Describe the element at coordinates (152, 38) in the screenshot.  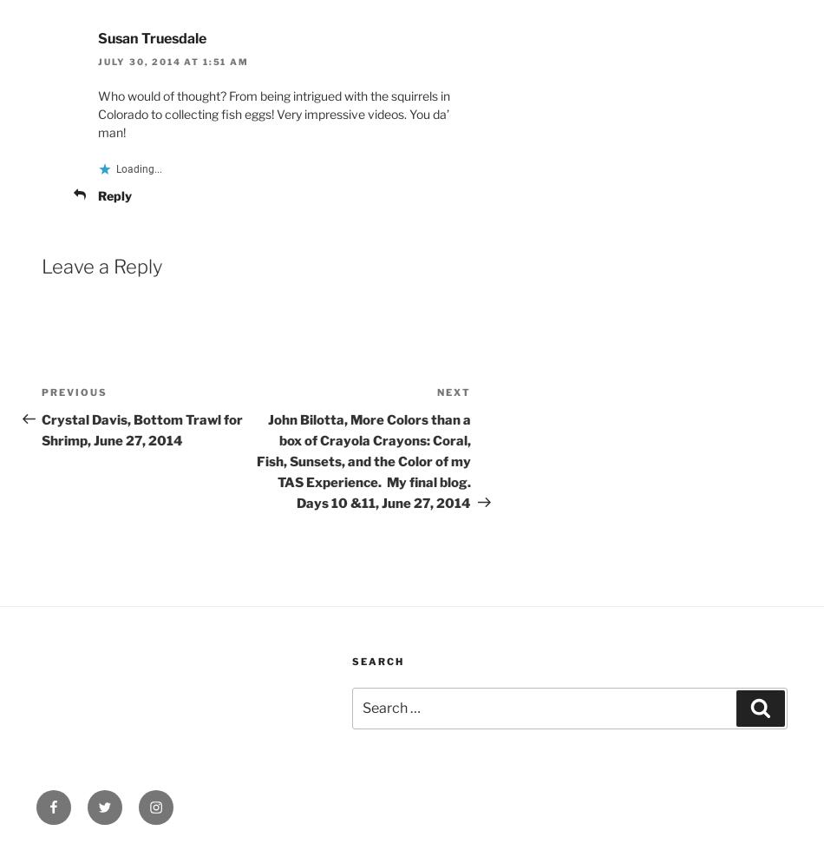
I see `'Susan Truesdale'` at that location.